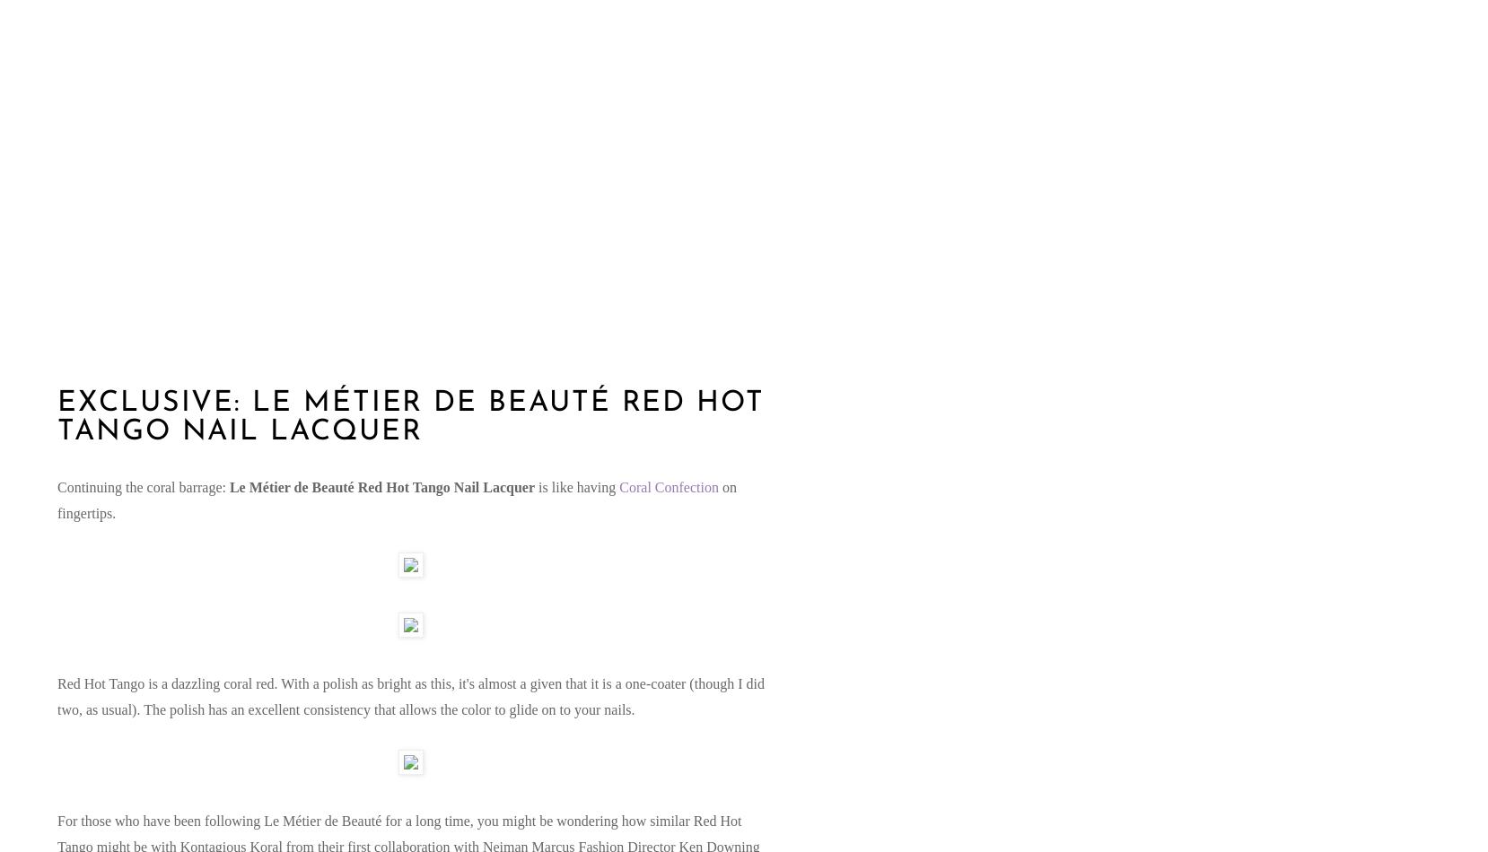 Image resolution: width=1488 pixels, height=852 pixels. I want to click on 'About', so click(63, 185).